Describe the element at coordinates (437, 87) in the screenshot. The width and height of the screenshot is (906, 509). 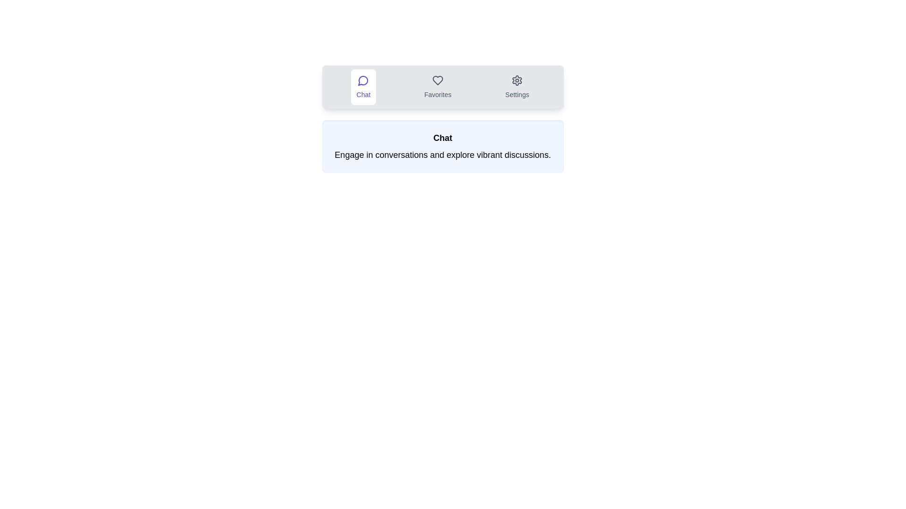
I see `the icon within the tab labeled Favorites` at that location.